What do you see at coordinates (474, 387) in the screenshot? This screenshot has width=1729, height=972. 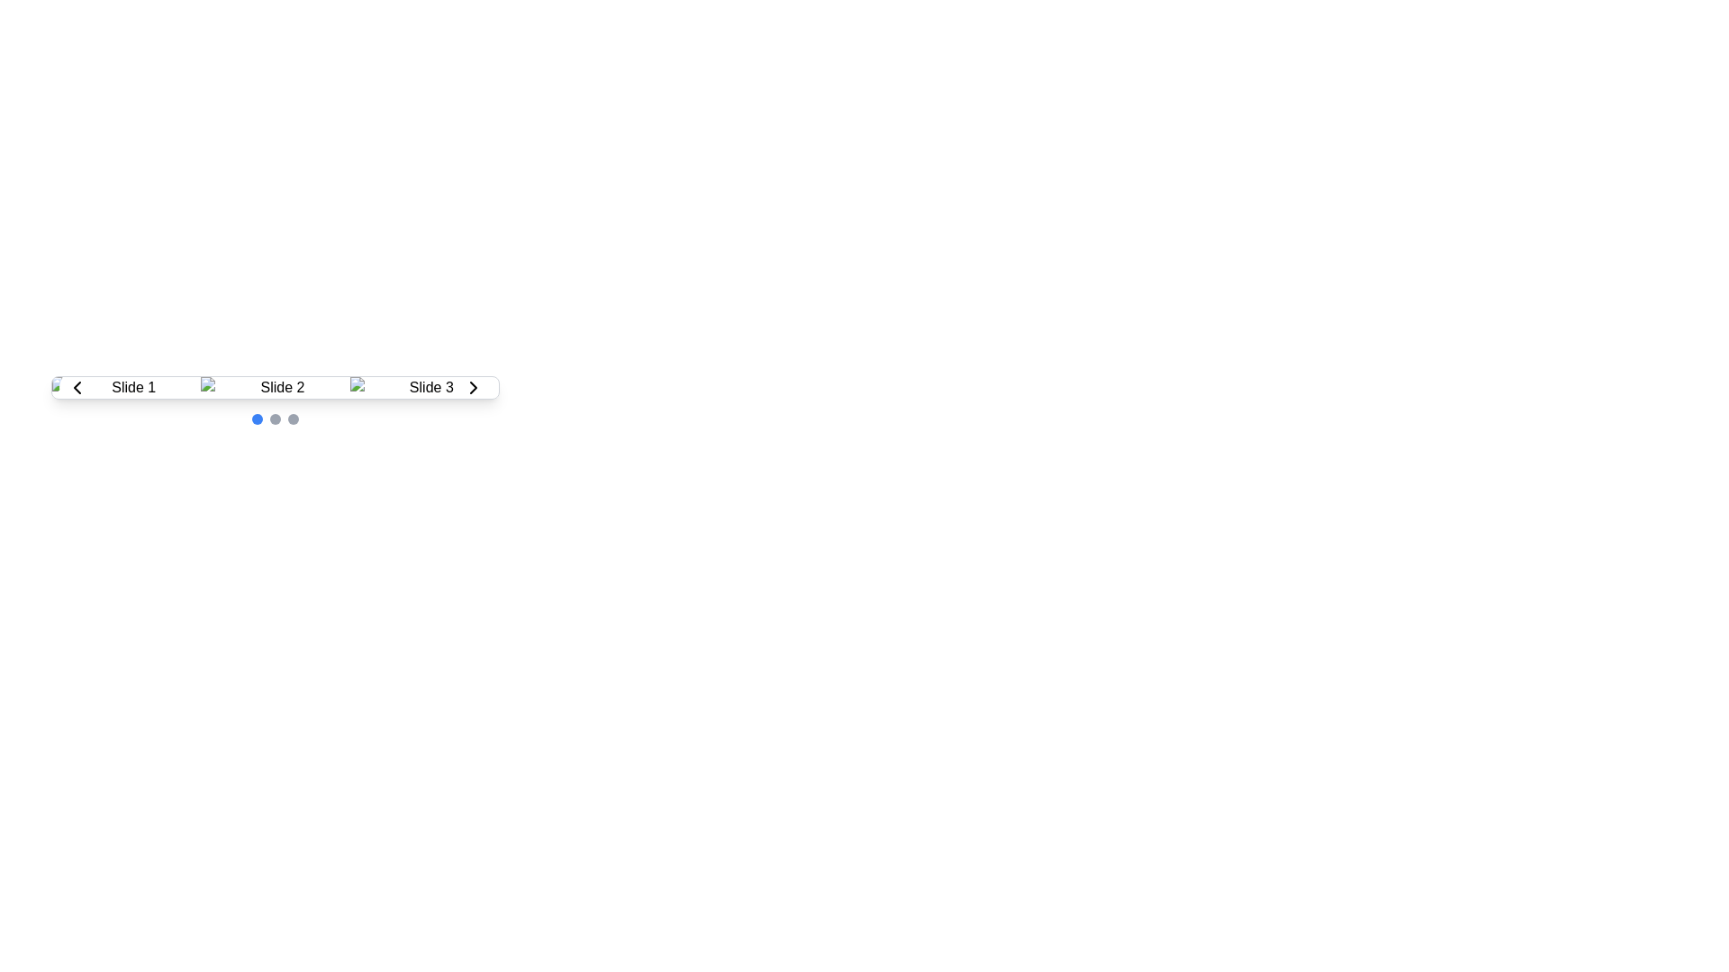 I see `the right navigation button of the carousel` at bounding box center [474, 387].